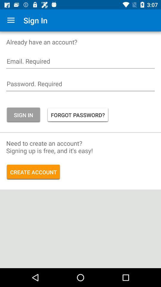 This screenshot has width=161, height=287. Describe the element at coordinates (11, 20) in the screenshot. I see `icon to the left of the sign in icon` at that location.